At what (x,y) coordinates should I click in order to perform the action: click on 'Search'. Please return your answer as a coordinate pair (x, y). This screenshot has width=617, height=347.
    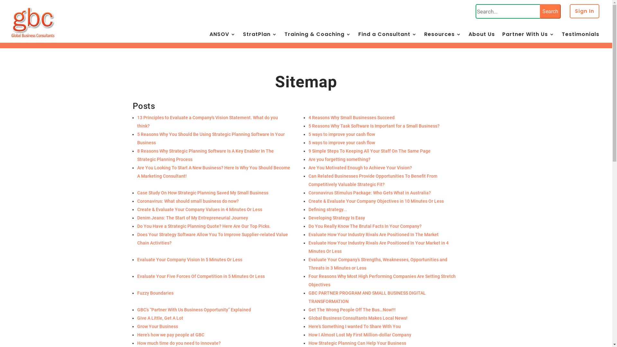
    Looking at the image, I should click on (550, 11).